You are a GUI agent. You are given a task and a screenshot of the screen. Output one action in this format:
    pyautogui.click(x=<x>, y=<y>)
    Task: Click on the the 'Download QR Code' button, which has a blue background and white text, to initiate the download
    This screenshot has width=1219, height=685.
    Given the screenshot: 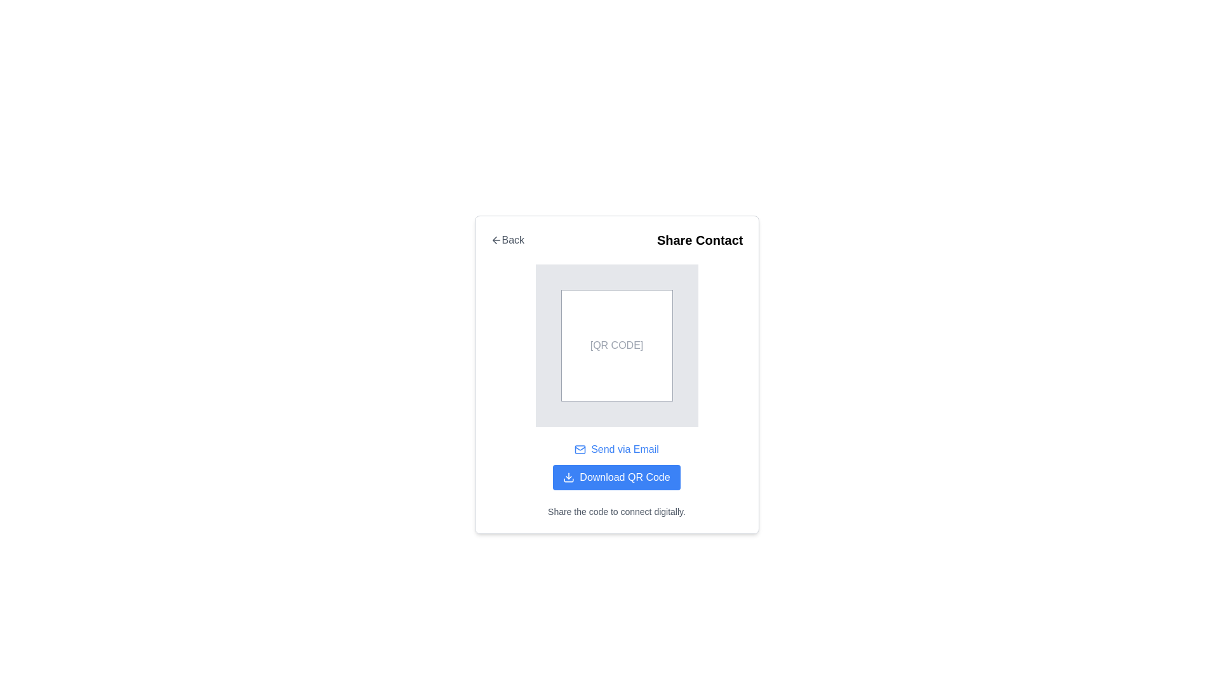 What is the action you would take?
    pyautogui.click(x=616, y=477)
    